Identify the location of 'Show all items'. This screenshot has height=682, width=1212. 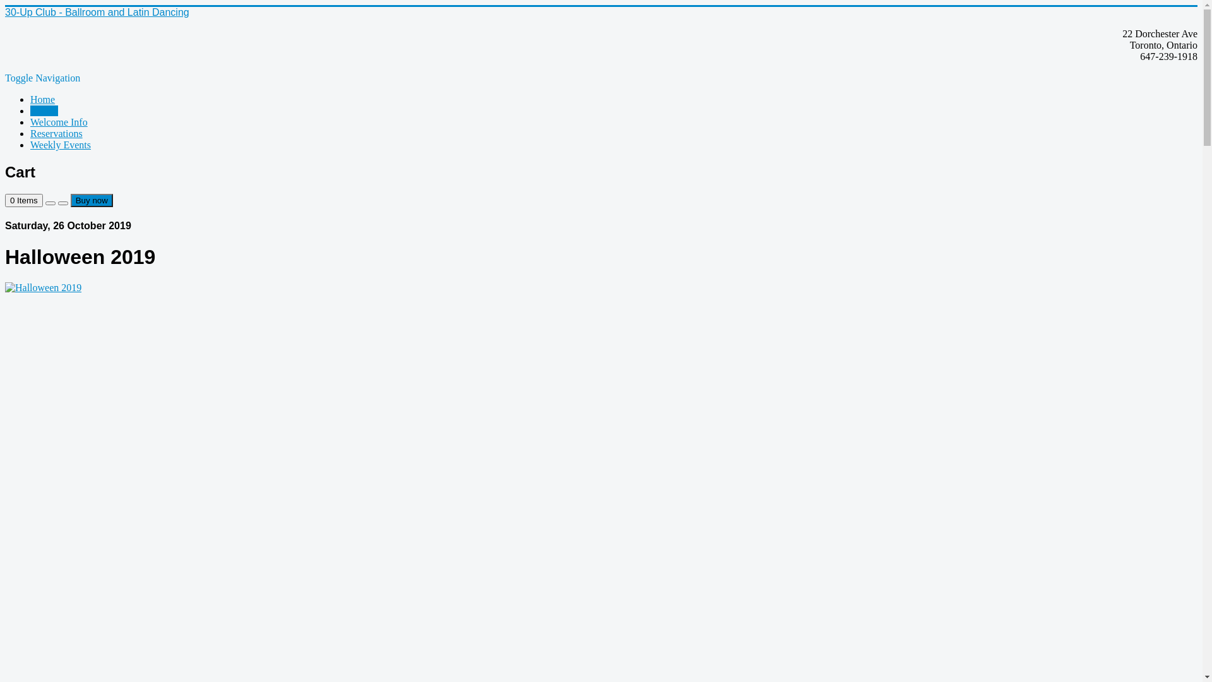
(50, 202).